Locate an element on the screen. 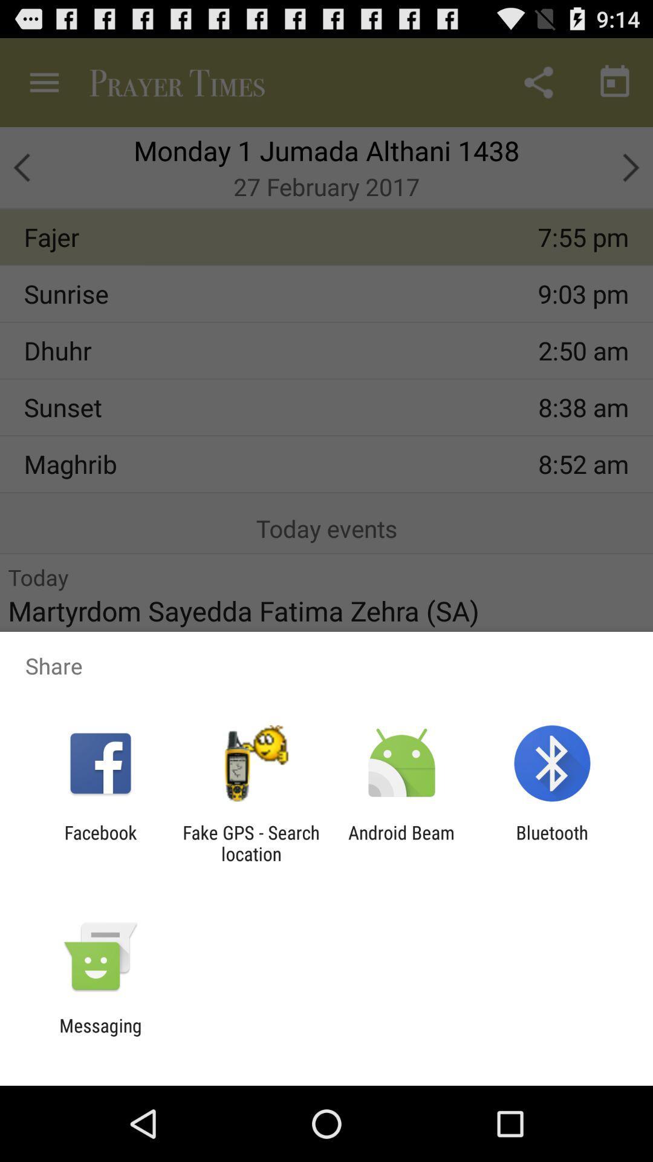 This screenshot has width=653, height=1162. messaging item is located at coordinates (100, 1036).